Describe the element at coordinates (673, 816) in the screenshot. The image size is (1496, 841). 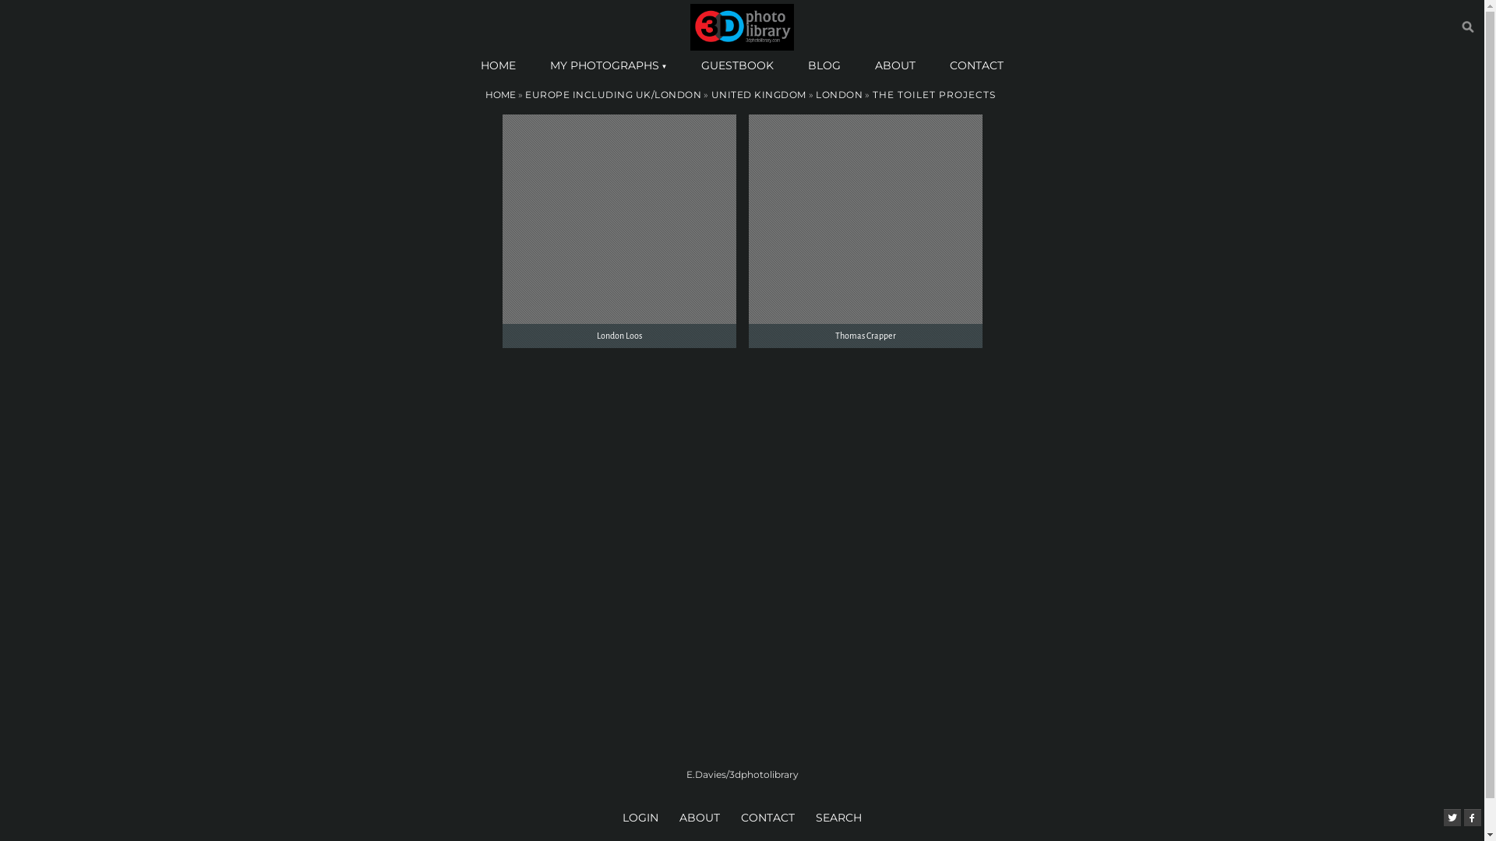
I see `'ABOUT'` at that location.